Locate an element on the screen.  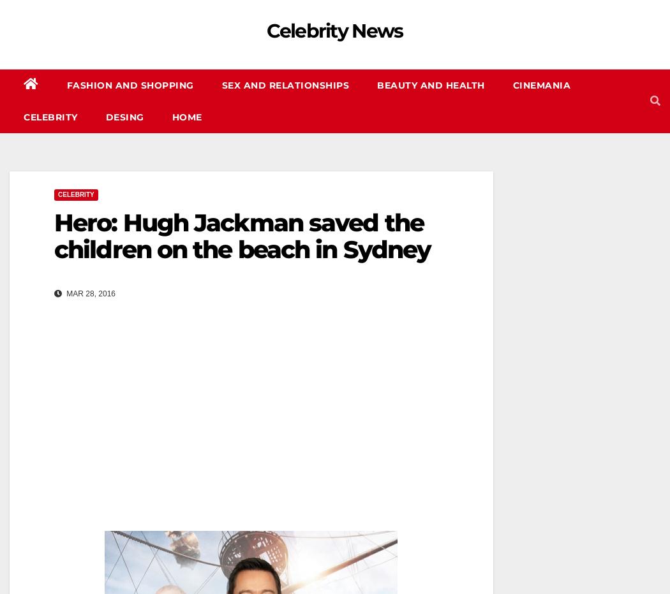
'Mar 28, 2016' is located at coordinates (89, 293).